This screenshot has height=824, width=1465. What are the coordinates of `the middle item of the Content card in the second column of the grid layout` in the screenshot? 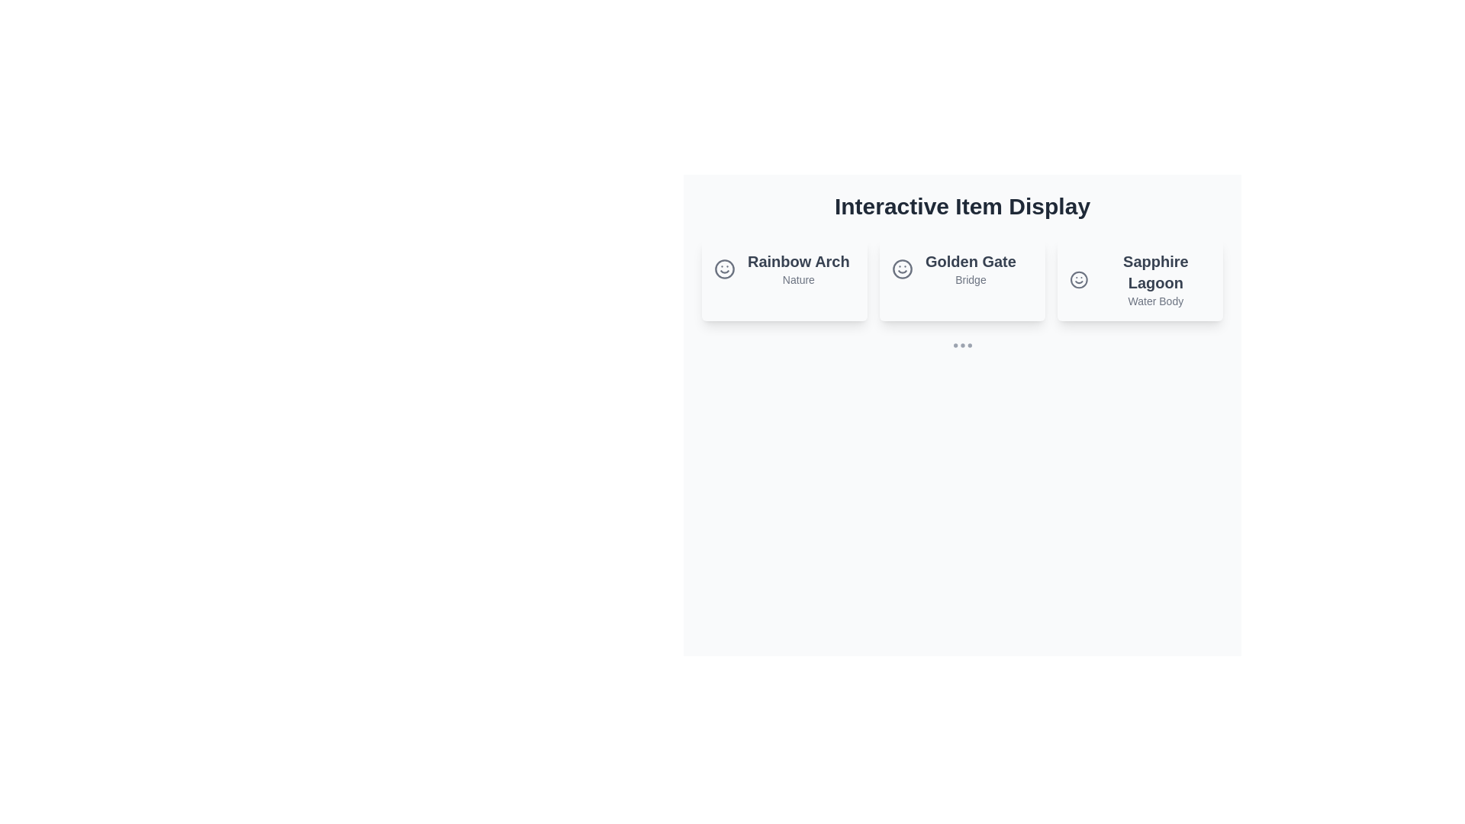 It's located at (961, 279).